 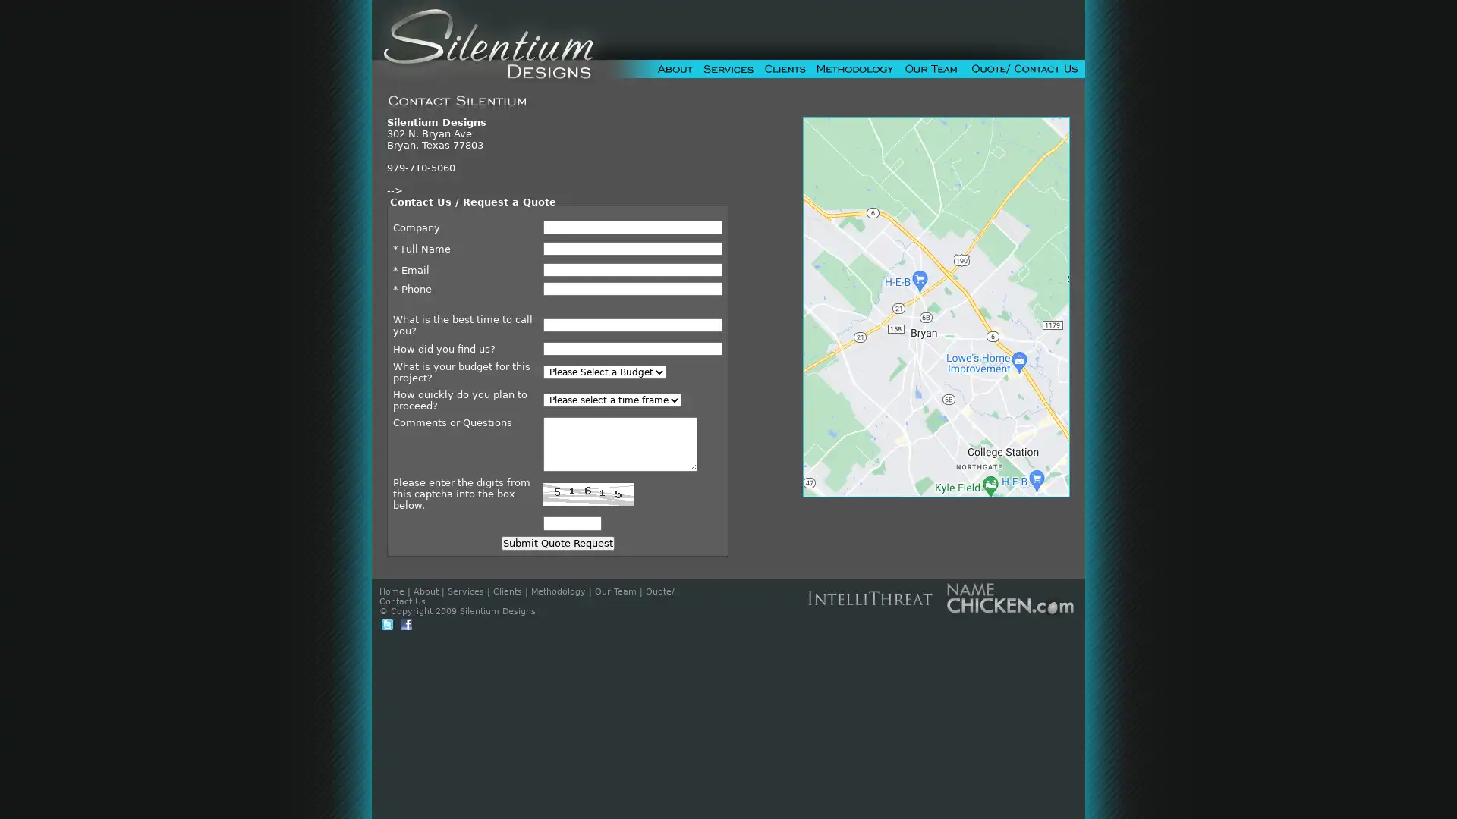 What do you see at coordinates (556, 542) in the screenshot?
I see `Submit Quote Request` at bounding box center [556, 542].